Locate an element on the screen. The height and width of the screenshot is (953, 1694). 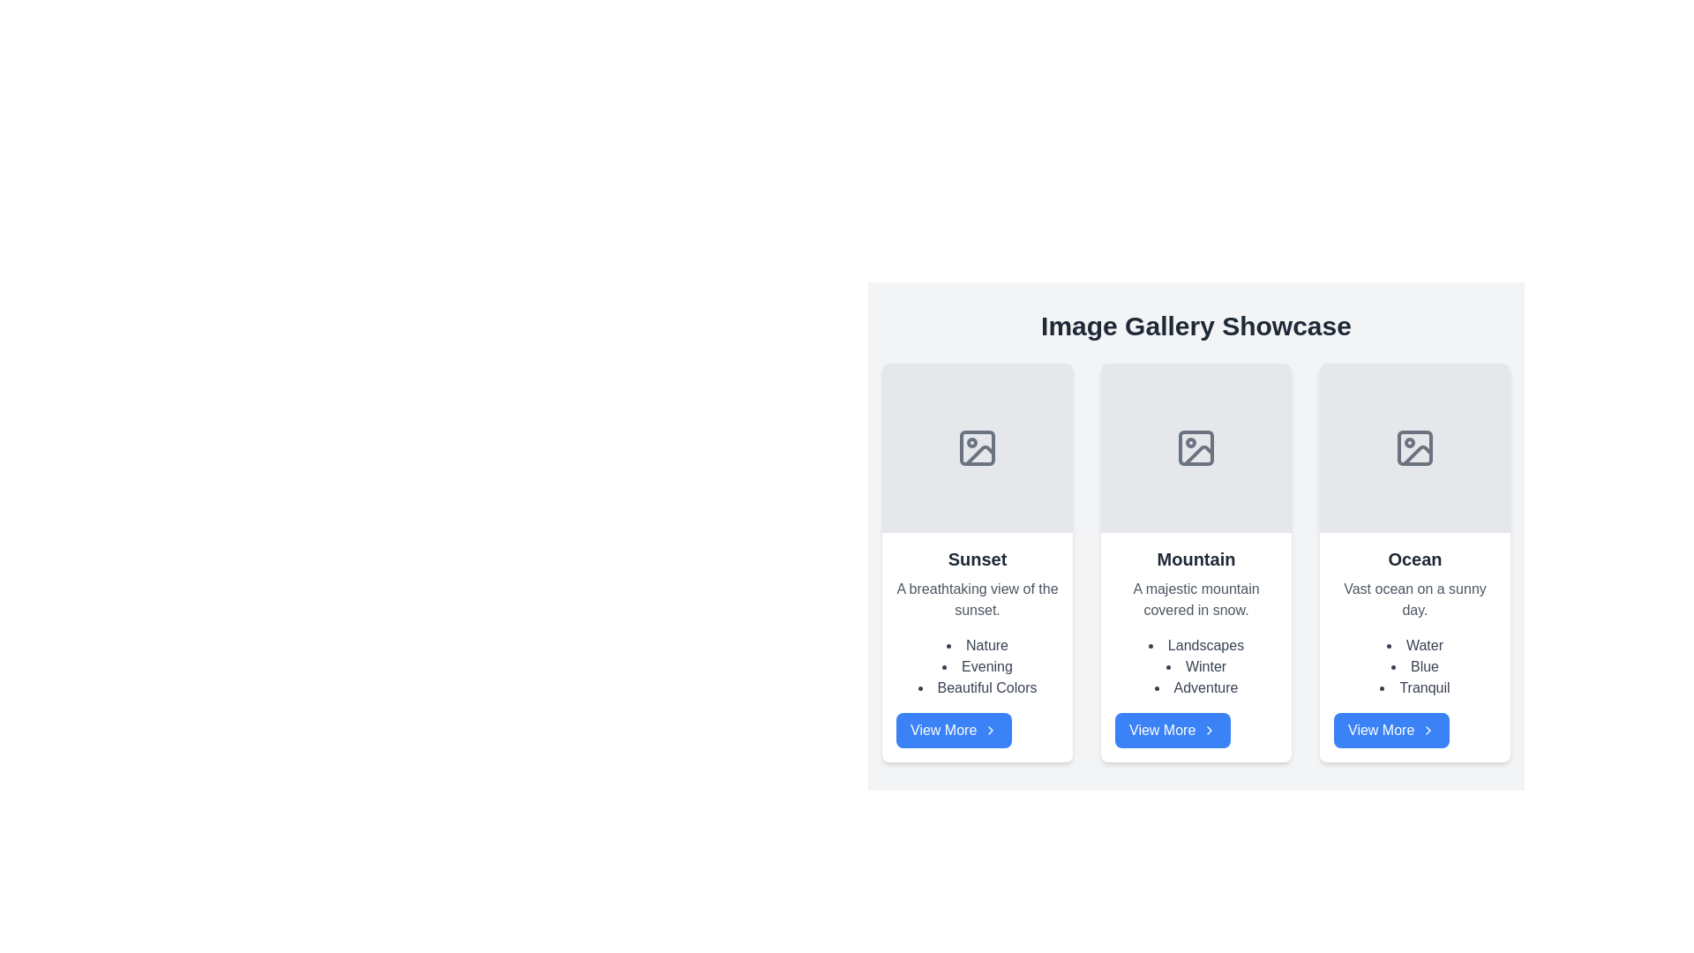
text content of the first item in the bulleted list under the 'Mountain' section on the center card interface is located at coordinates (1196, 646).